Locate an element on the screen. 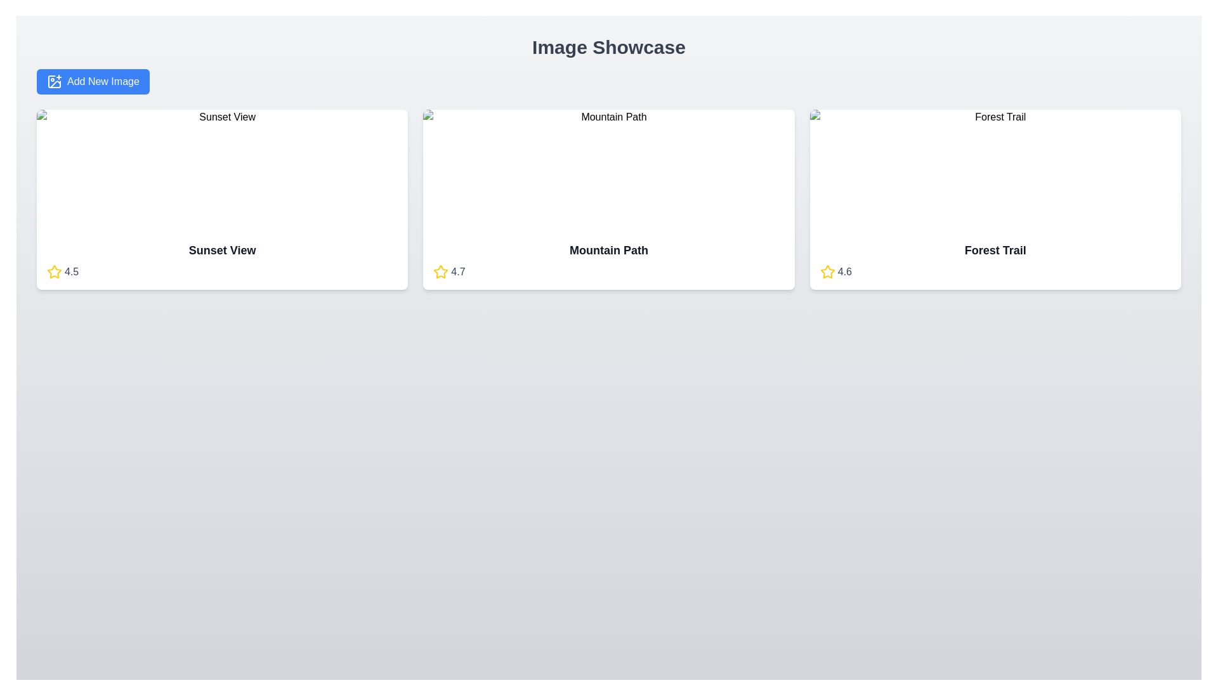 This screenshot has width=1218, height=685. the 'Sunset View' image element located at the top of the card, which serves as an informative or decorative image for the card is located at coordinates (222, 170).